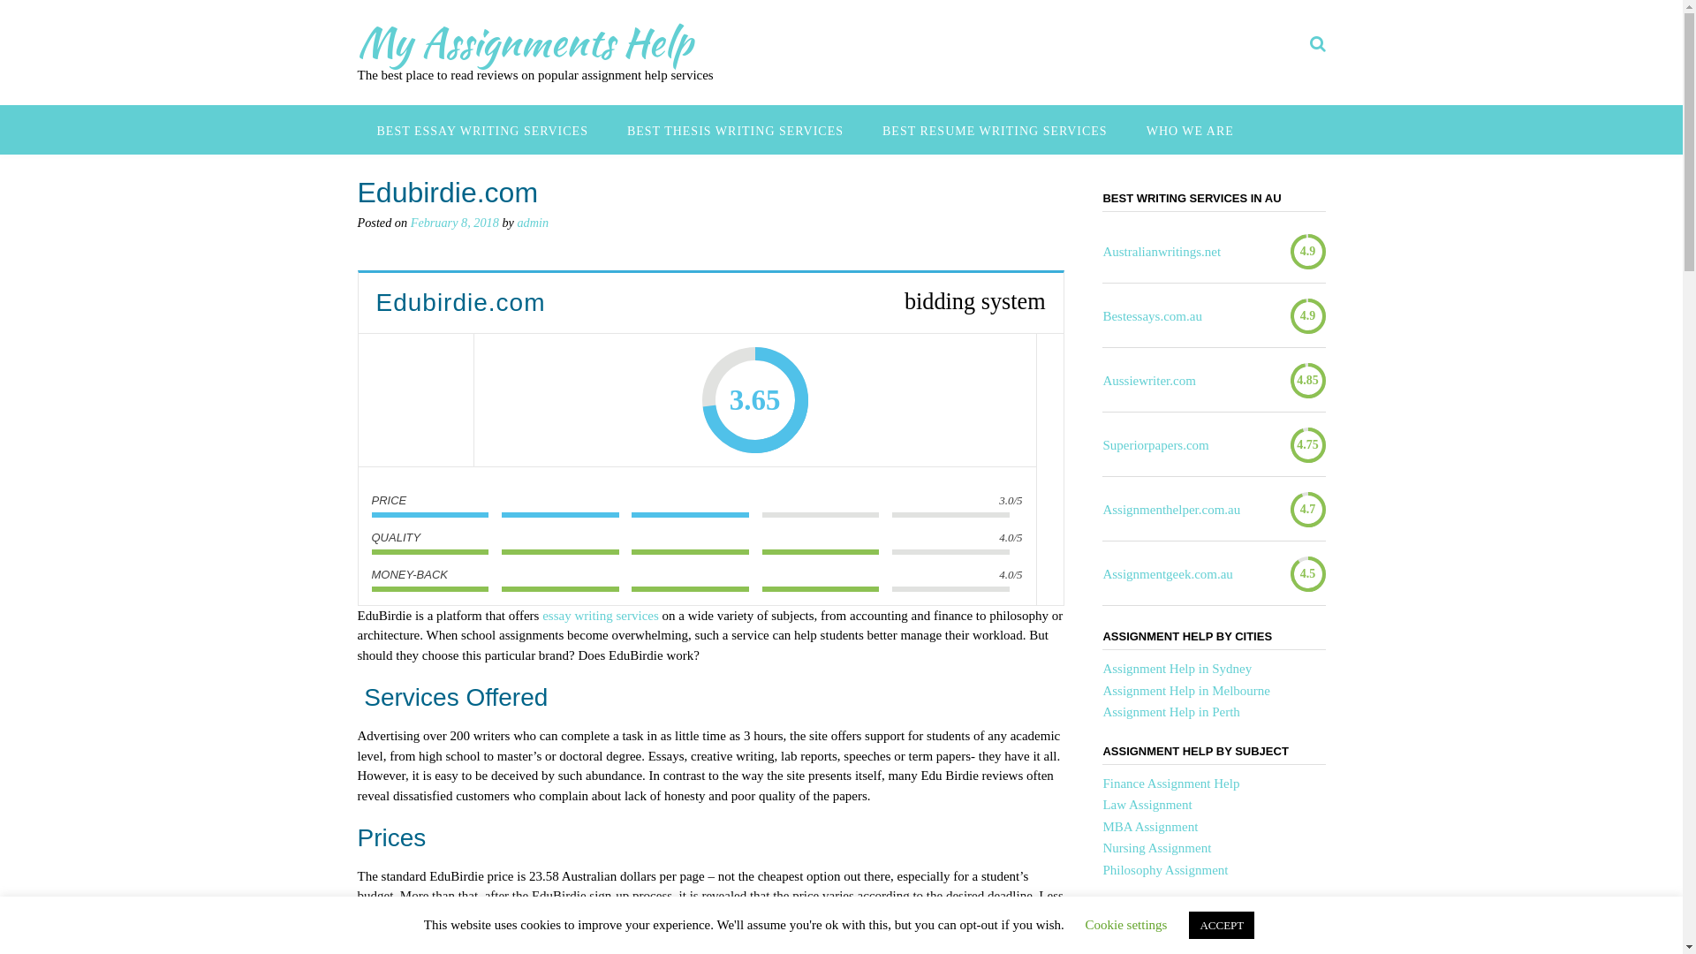  I want to click on 'Philosophy Assignment', so click(1165, 867).